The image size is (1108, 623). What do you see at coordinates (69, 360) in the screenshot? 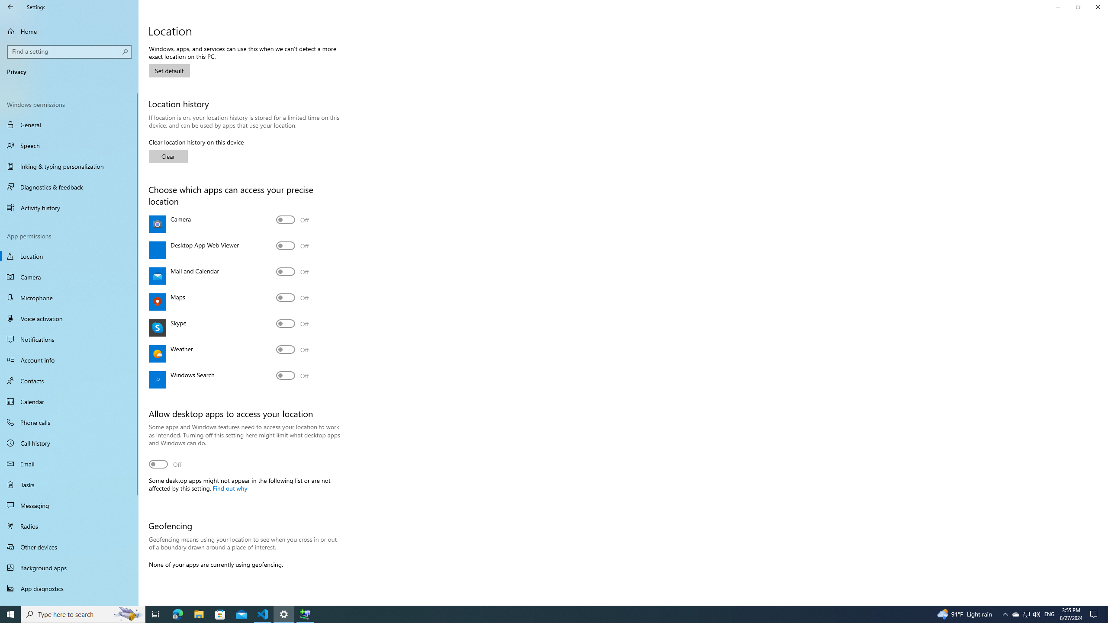
I see `'Account info'` at bounding box center [69, 360].